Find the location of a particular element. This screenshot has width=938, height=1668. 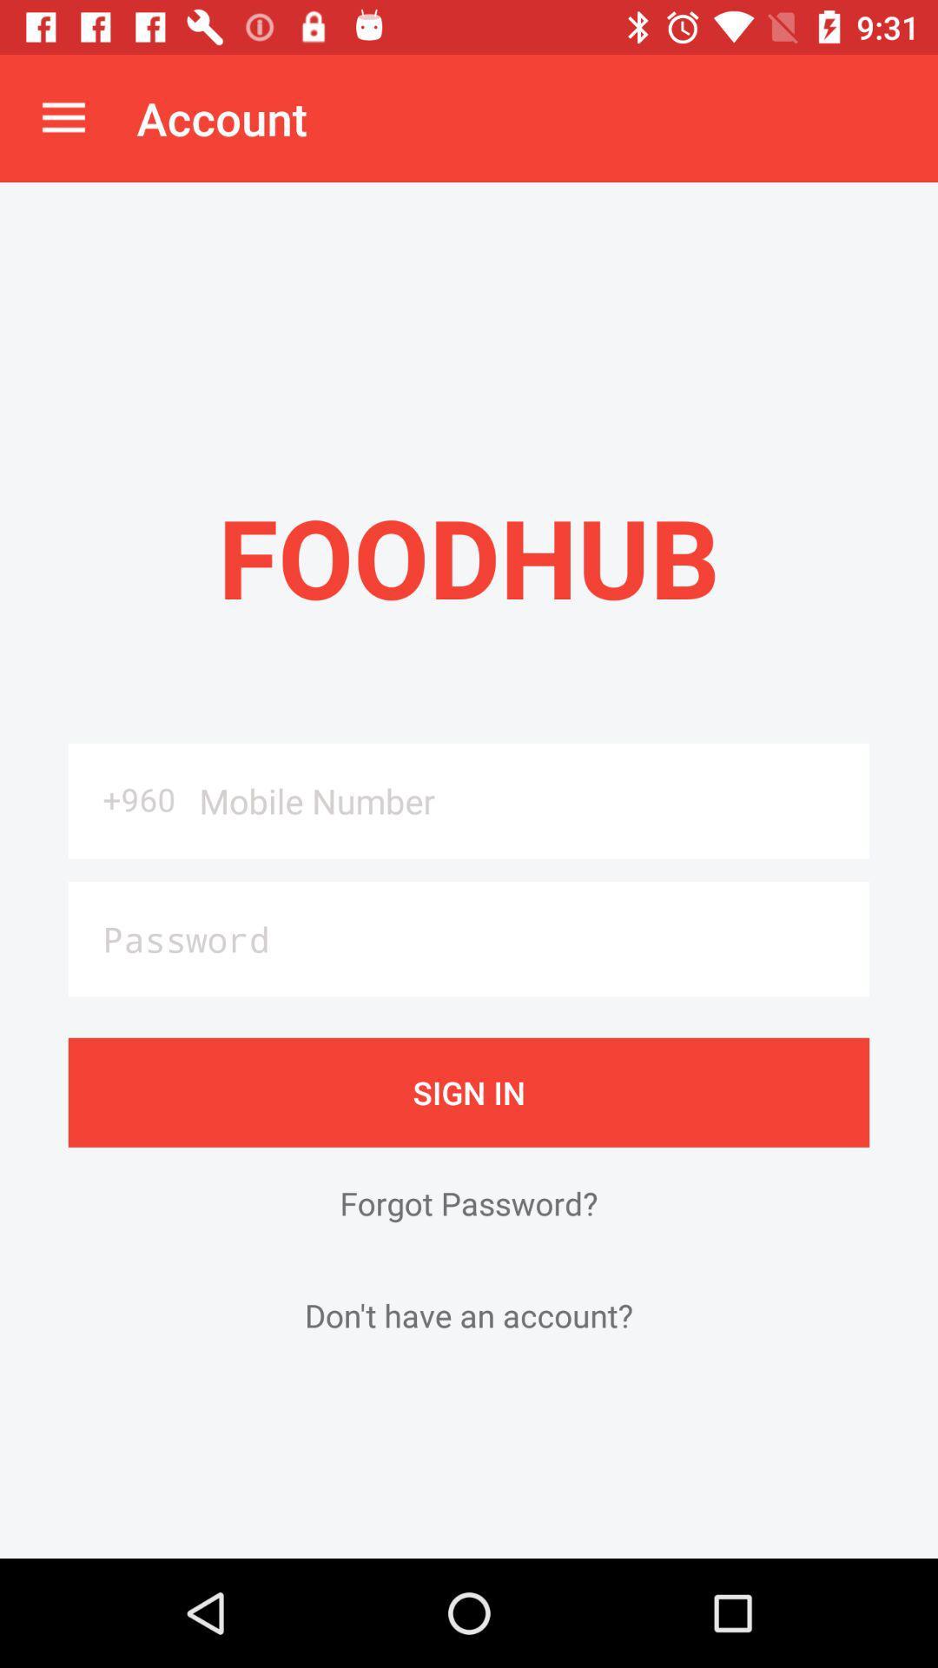

forgot password? is located at coordinates (469, 1202).